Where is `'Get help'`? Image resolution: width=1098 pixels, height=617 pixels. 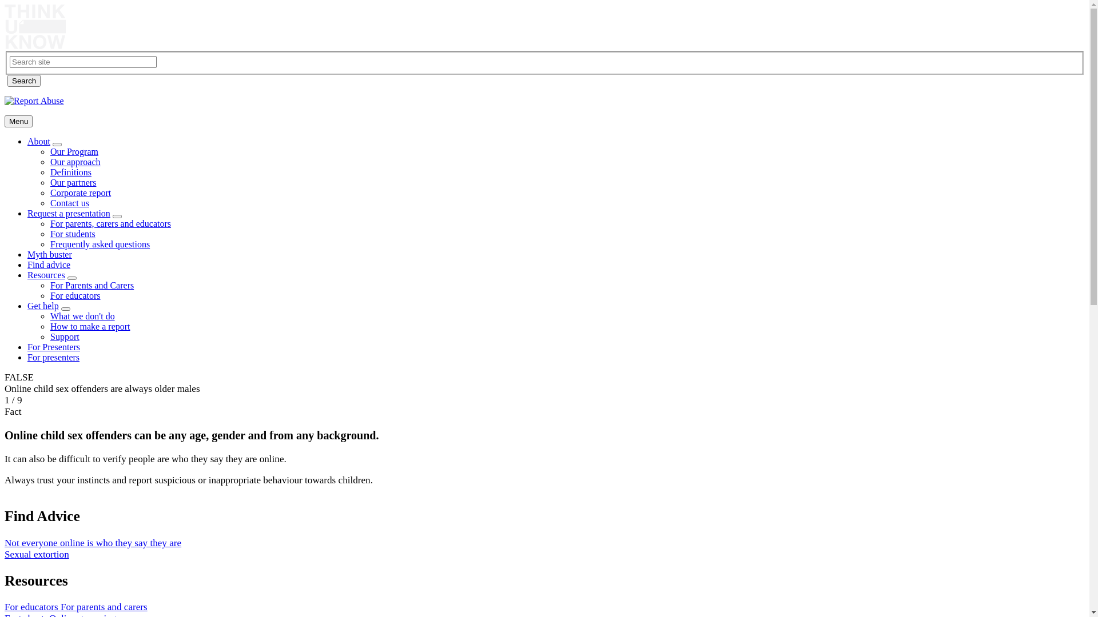
'Get help' is located at coordinates (43, 305).